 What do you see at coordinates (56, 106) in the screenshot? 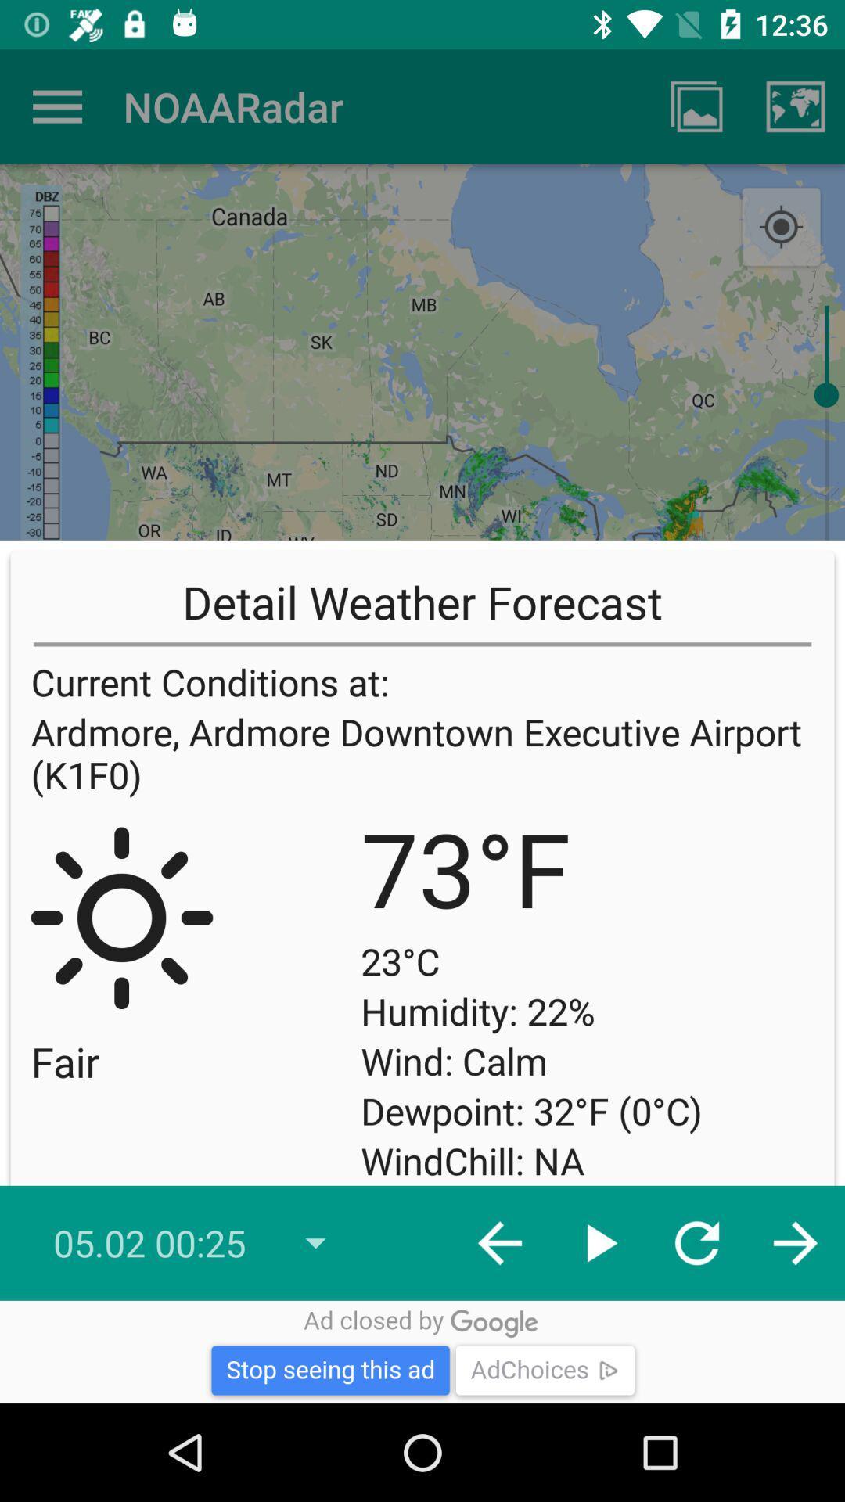
I see `the menu` at bounding box center [56, 106].